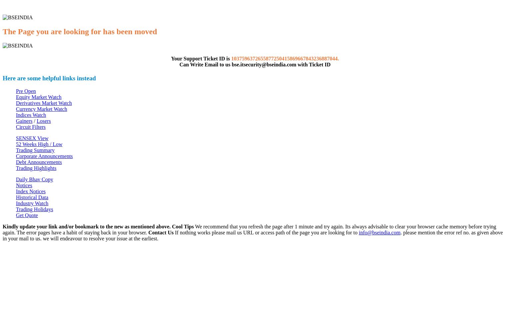 This screenshot has height=332, width=510. Describe the element at coordinates (35, 150) in the screenshot. I see `'Trading Summary'` at that location.